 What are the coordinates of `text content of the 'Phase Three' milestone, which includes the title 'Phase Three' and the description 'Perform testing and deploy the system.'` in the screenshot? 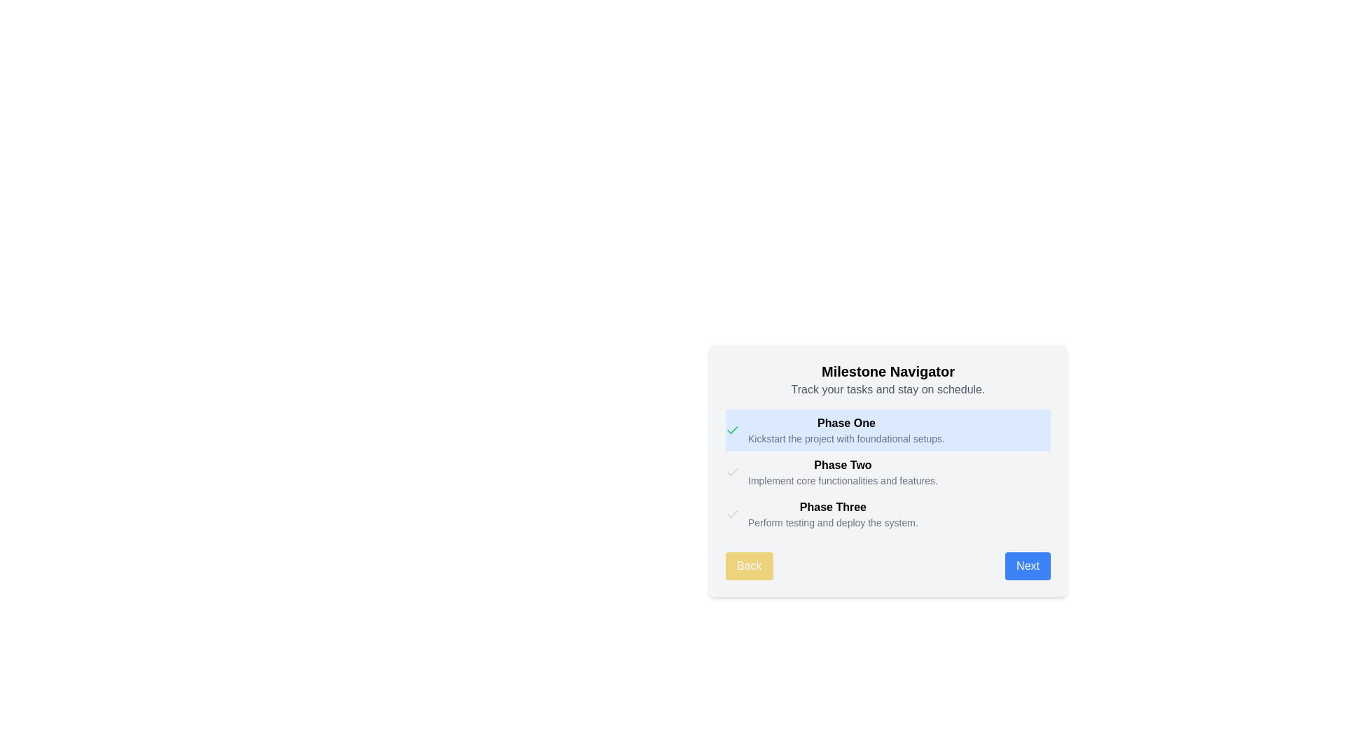 It's located at (833, 514).